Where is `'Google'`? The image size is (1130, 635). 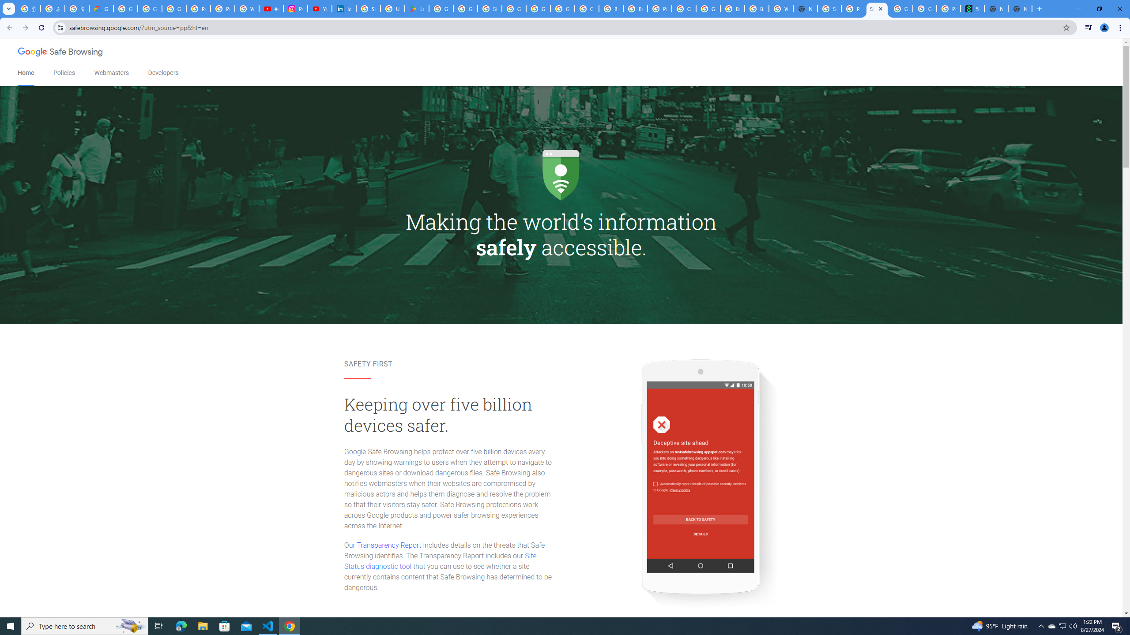
'Google' is located at coordinates (33, 52).